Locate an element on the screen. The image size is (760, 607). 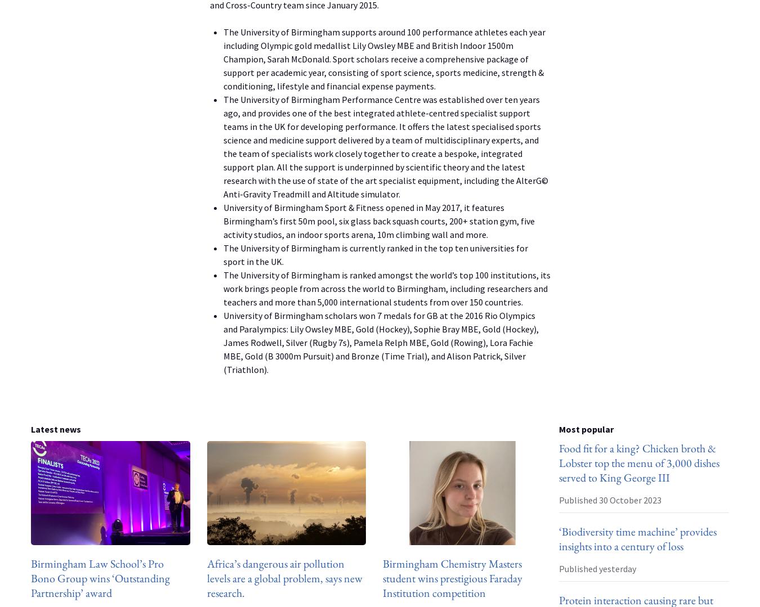
'Africa’s dangerous air pollution levels are a global problem, says new research.' is located at coordinates (284, 577).